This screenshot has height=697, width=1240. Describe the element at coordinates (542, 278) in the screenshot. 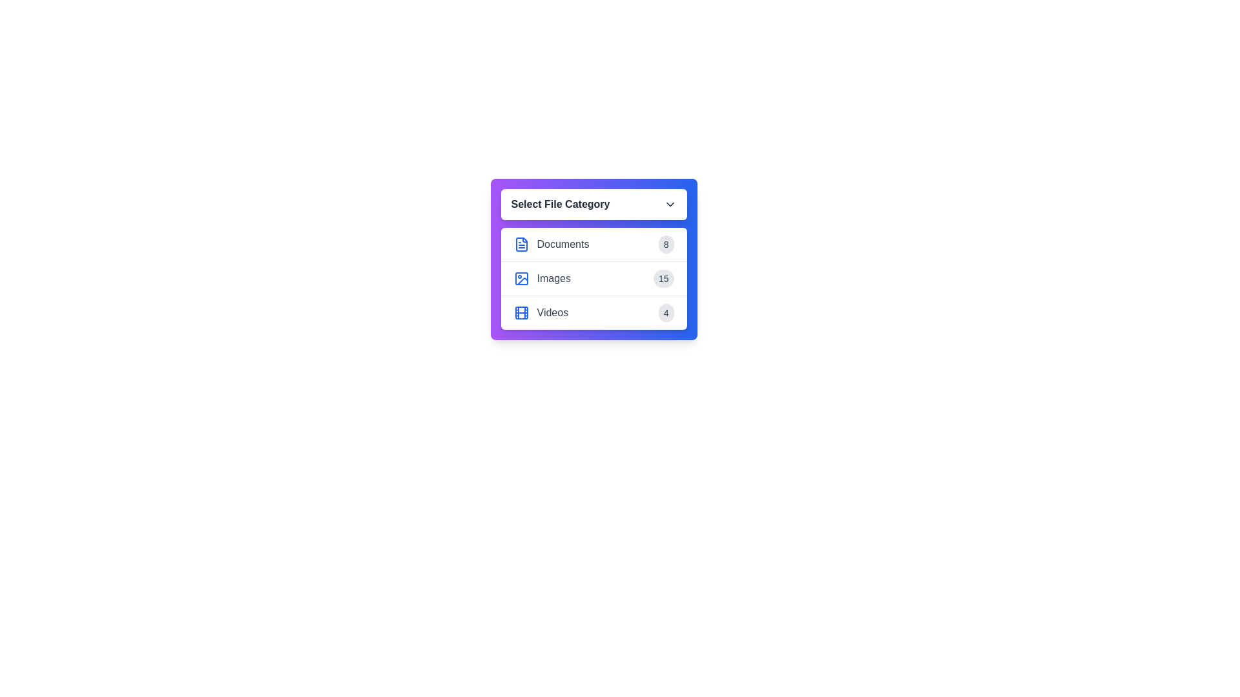

I see `the second option in the dropdown menu titled 'Images', which has a picture icon on the left and the number '15' on the right` at that location.